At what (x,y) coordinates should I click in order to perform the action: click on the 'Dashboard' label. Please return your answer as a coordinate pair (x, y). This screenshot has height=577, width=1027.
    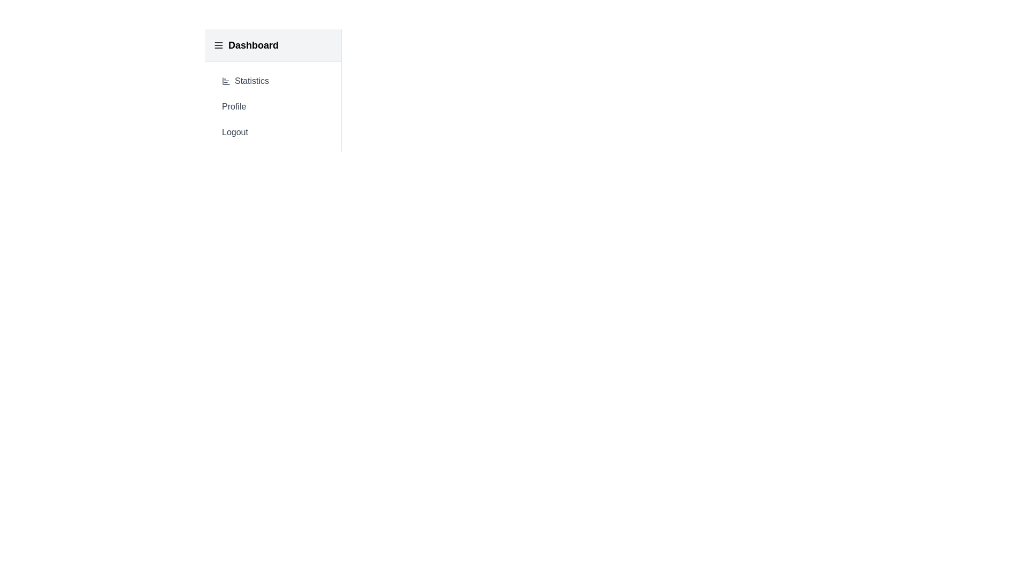
    Looking at the image, I should click on (253, 44).